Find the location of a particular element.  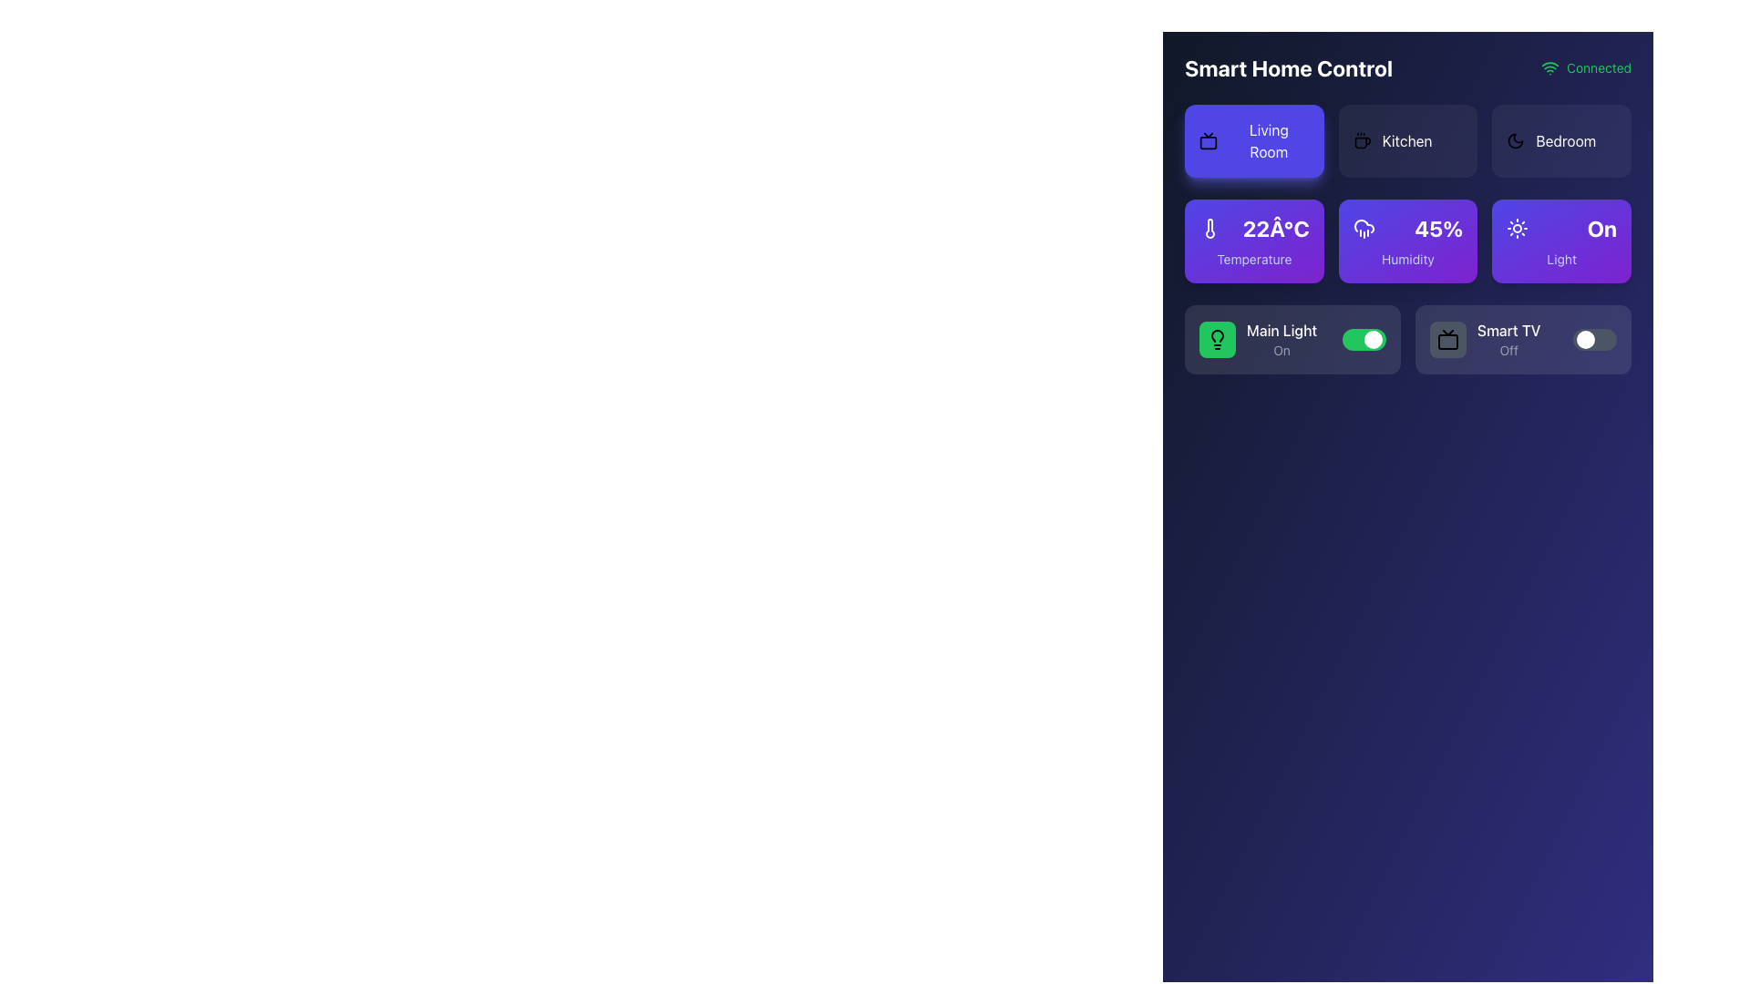

the TV control icon button located in the Smart Home Control panel, which is positioned to the left of the text 'Smart TV Off' and above the toggle switch is located at coordinates (1446, 340).